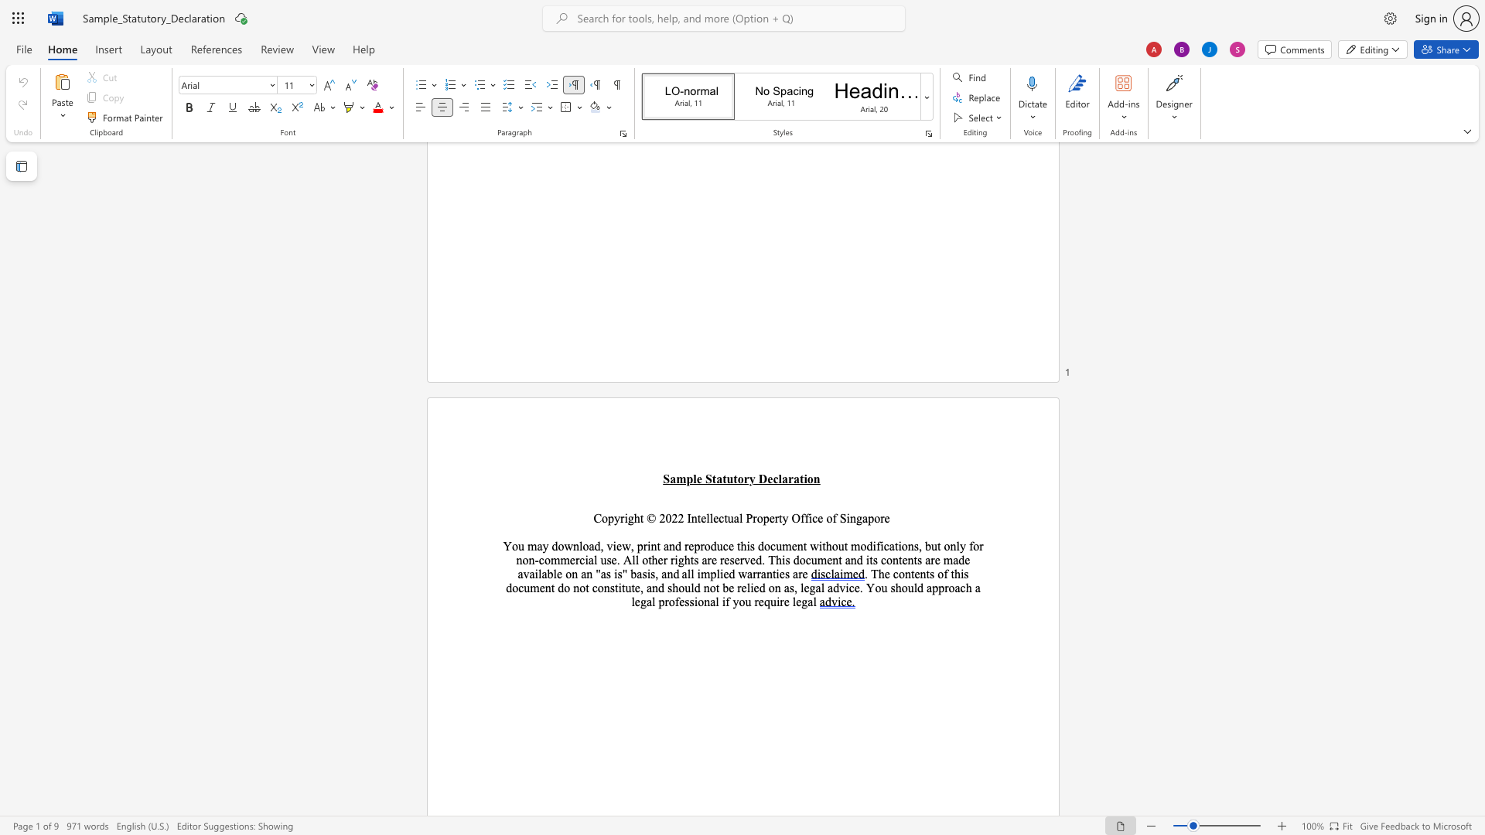  Describe the element at coordinates (729, 478) in the screenshot. I see `the 1th character "u" in the text` at that location.